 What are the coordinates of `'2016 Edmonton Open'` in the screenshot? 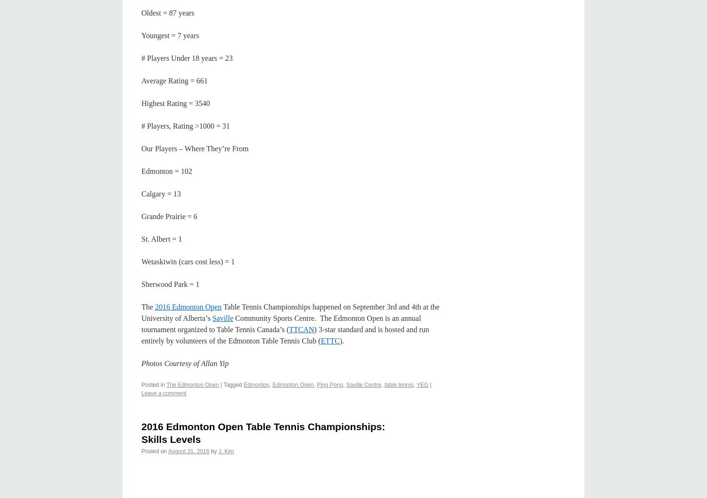 It's located at (188, 306).